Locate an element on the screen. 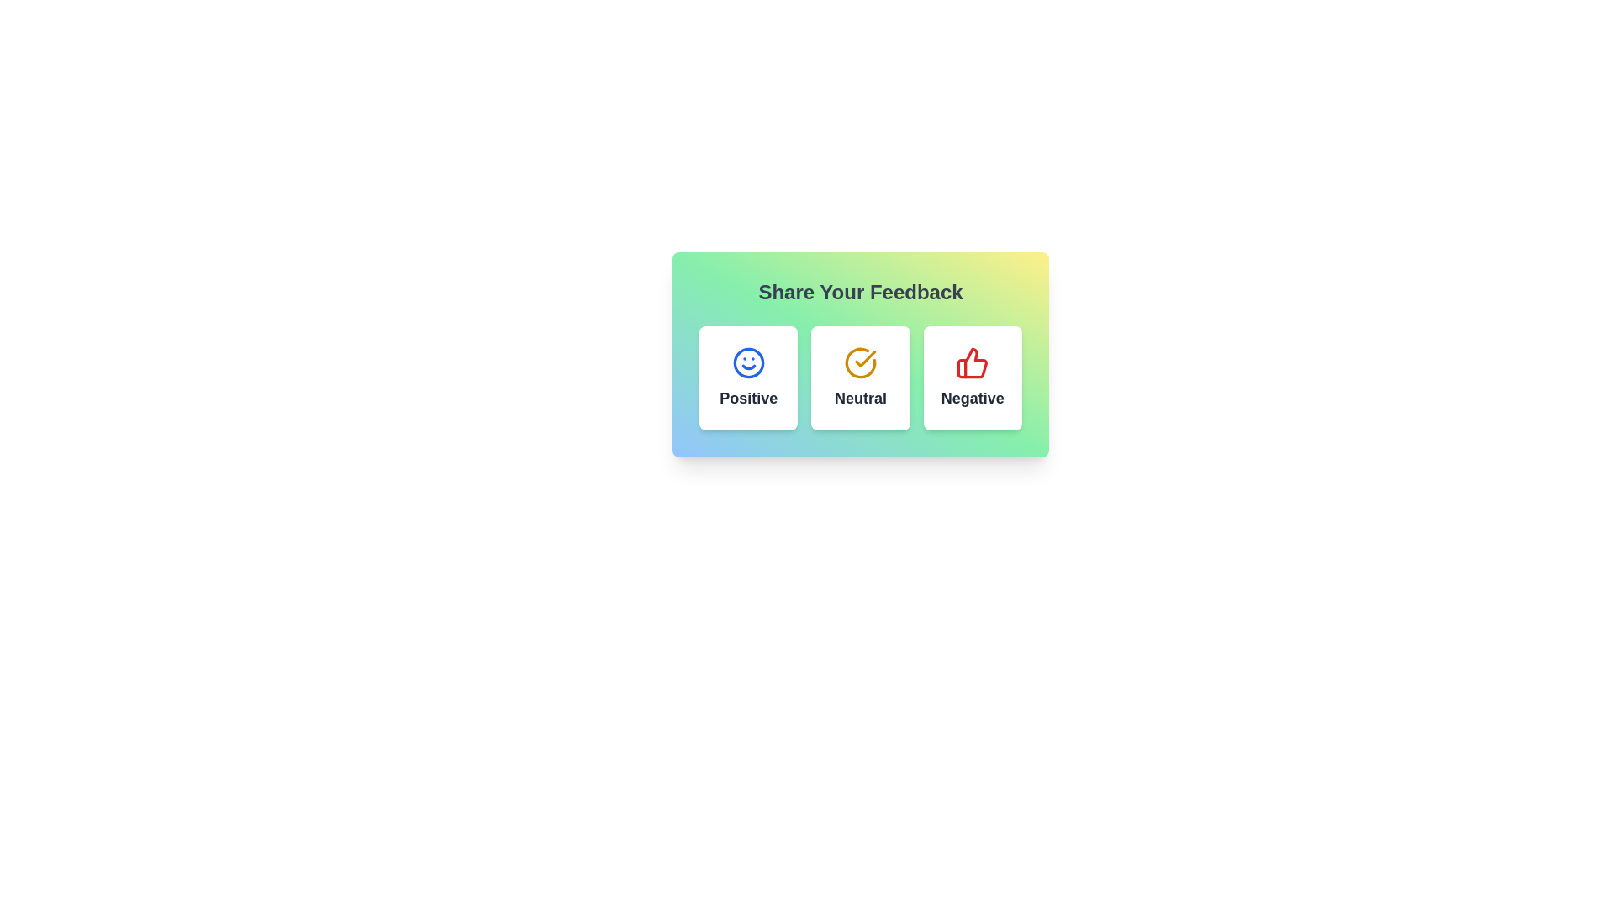 This screenshot has height=908, width=1614. the selectable card positioned in the middle column of the feedback system, which indicates a neutral response is located at coordinates (860, 378).